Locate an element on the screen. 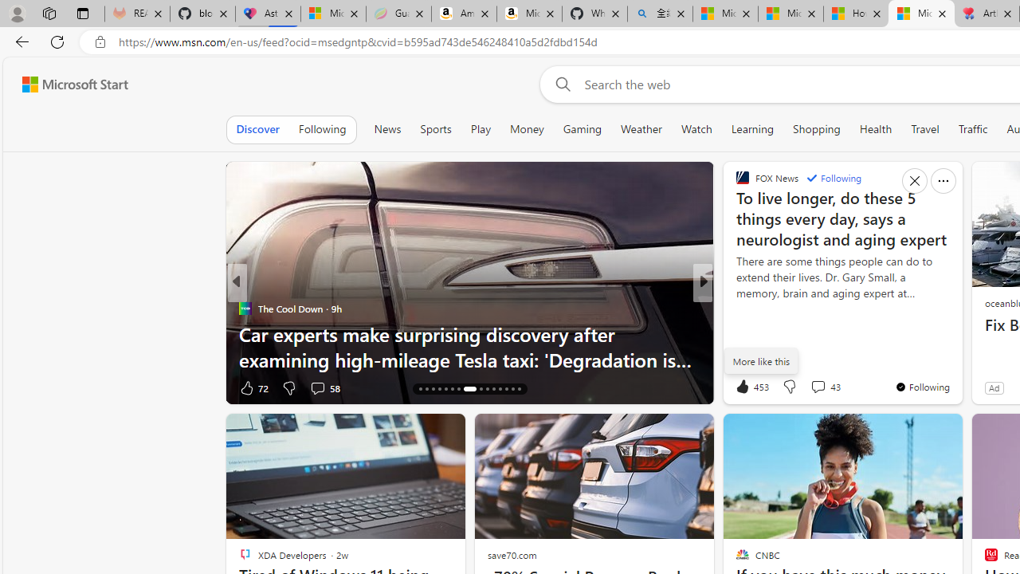  'AutomationID: tab-29' is located at coordinates (512, 389).